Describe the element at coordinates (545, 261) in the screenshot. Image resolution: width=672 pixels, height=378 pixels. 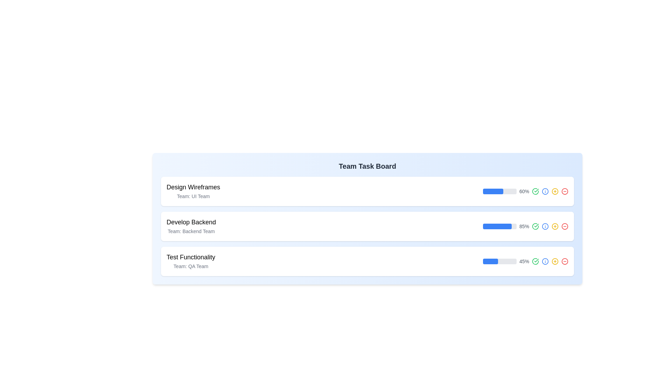
I see `the blue circle with a white border that is part of the info icon in the third task row of the 'Test Functionality' task card` at that location.